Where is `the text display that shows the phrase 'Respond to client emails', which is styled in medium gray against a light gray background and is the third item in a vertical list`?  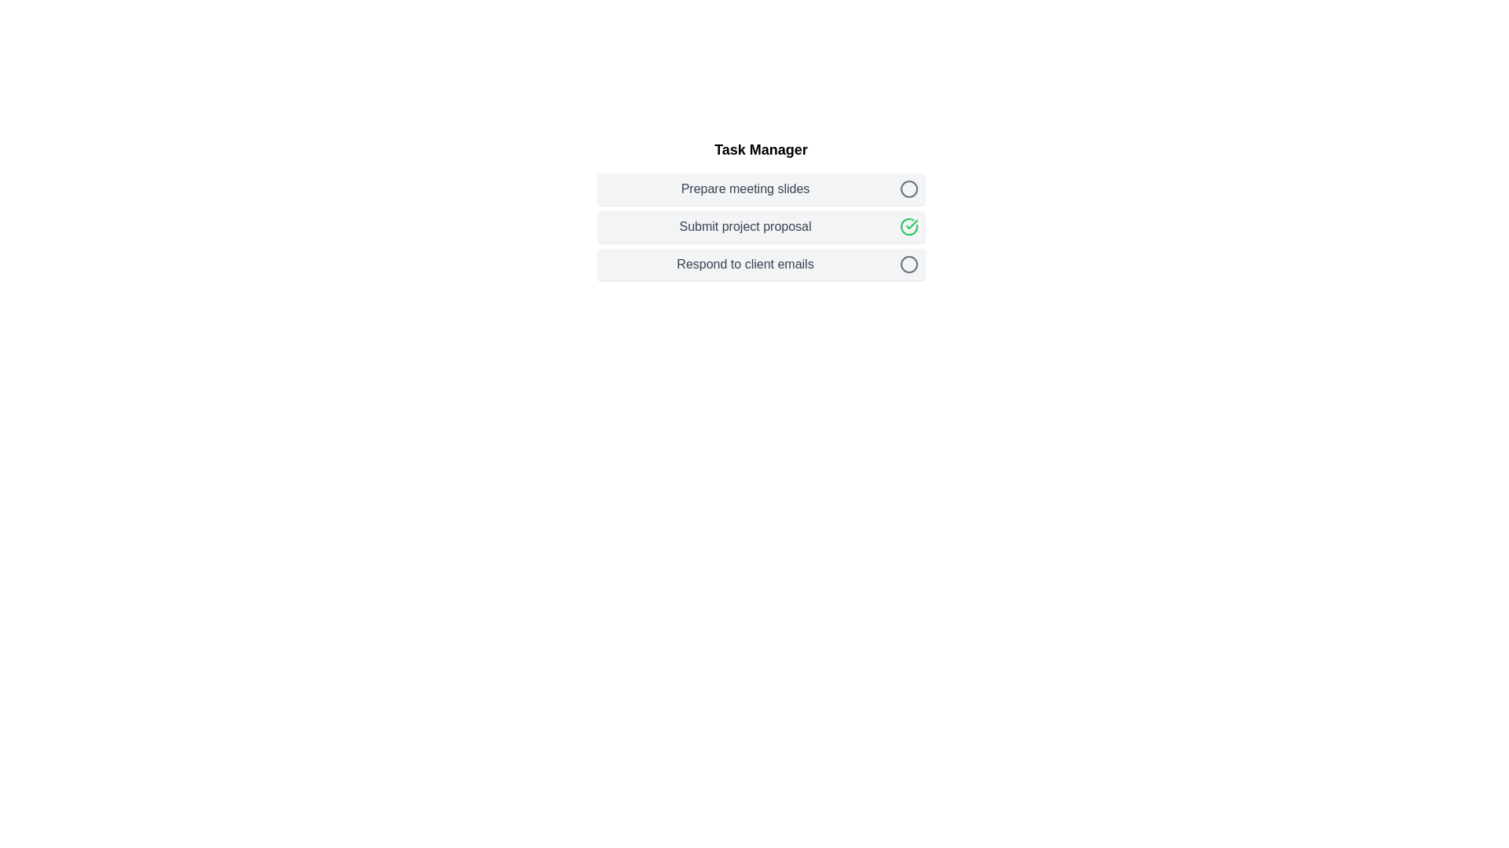 the text display that shows the phrase 'Respond to client emails', which is styled in medium gray against a light gray background and is the third item in a vertical list is located at coordinates (744, 263).